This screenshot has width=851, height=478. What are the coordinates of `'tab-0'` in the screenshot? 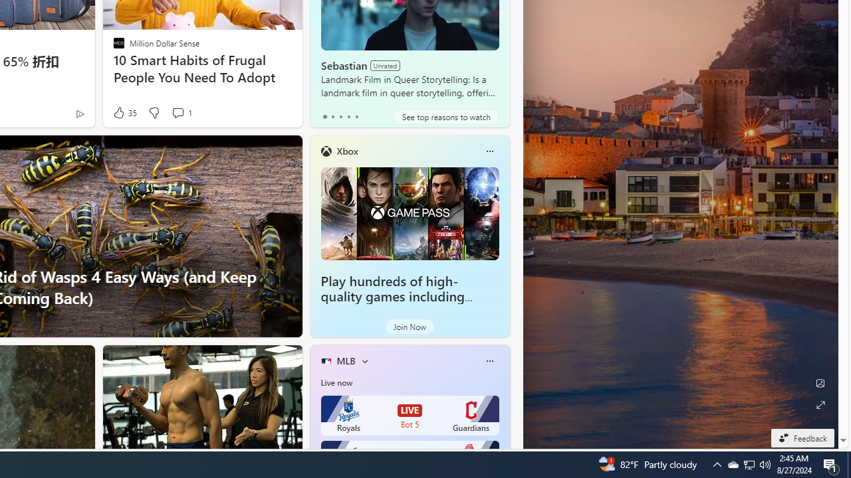 It's located at (324, 116).